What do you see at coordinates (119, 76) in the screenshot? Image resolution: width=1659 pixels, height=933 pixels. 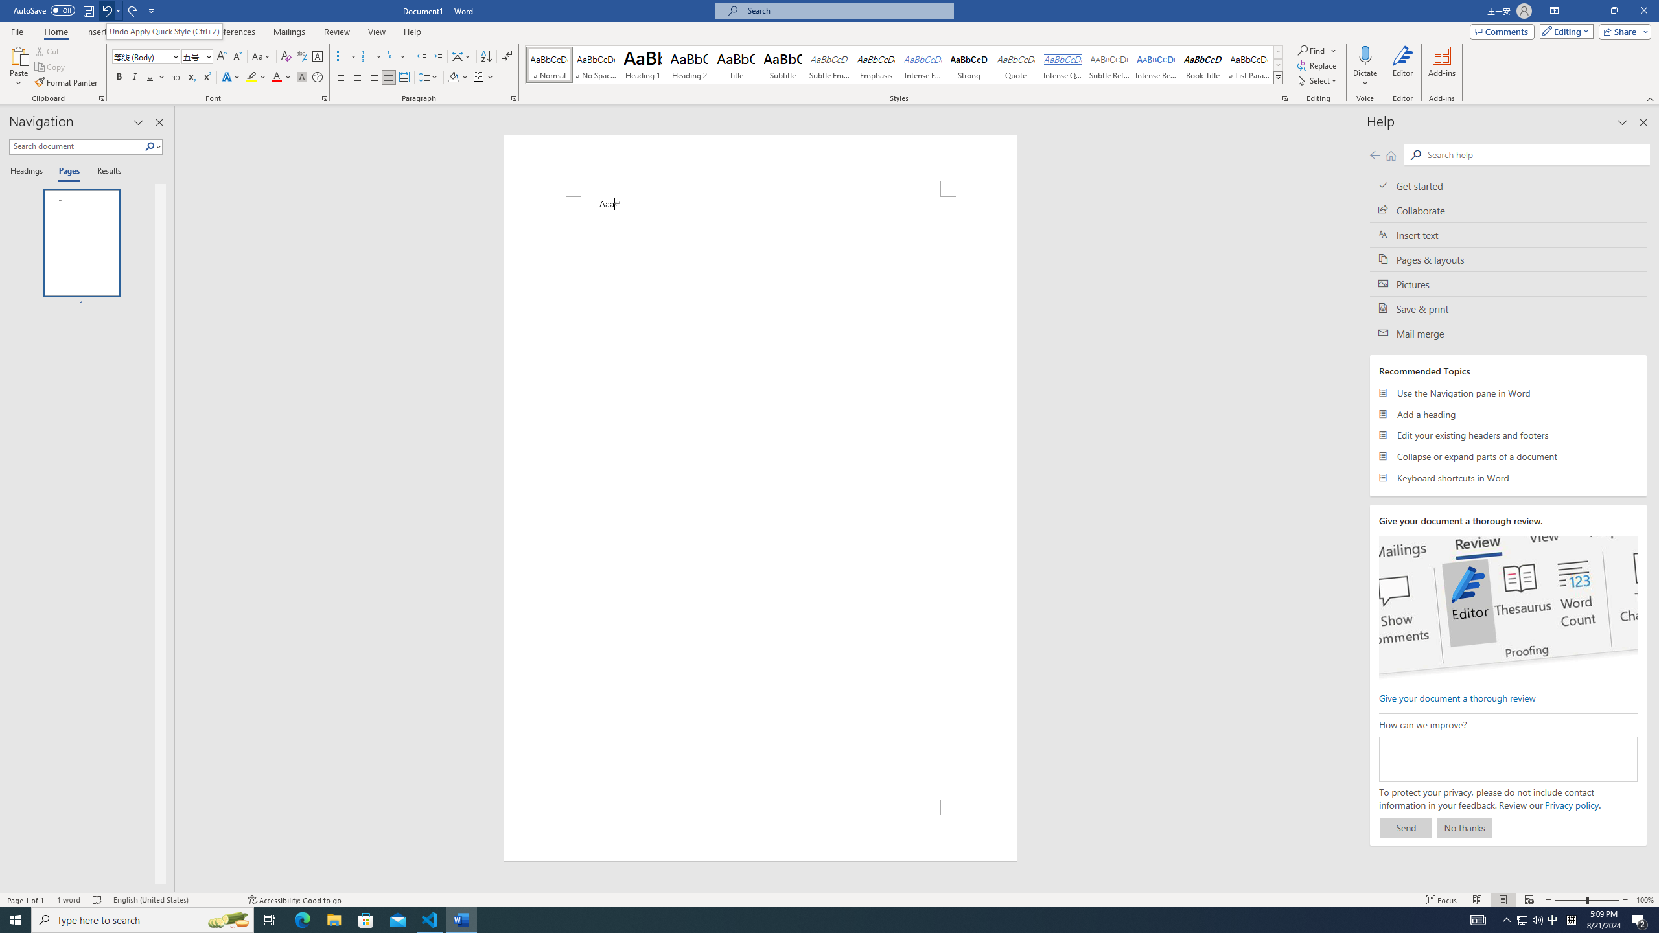 I see `'Bold'` at bounding box center [119, 76].